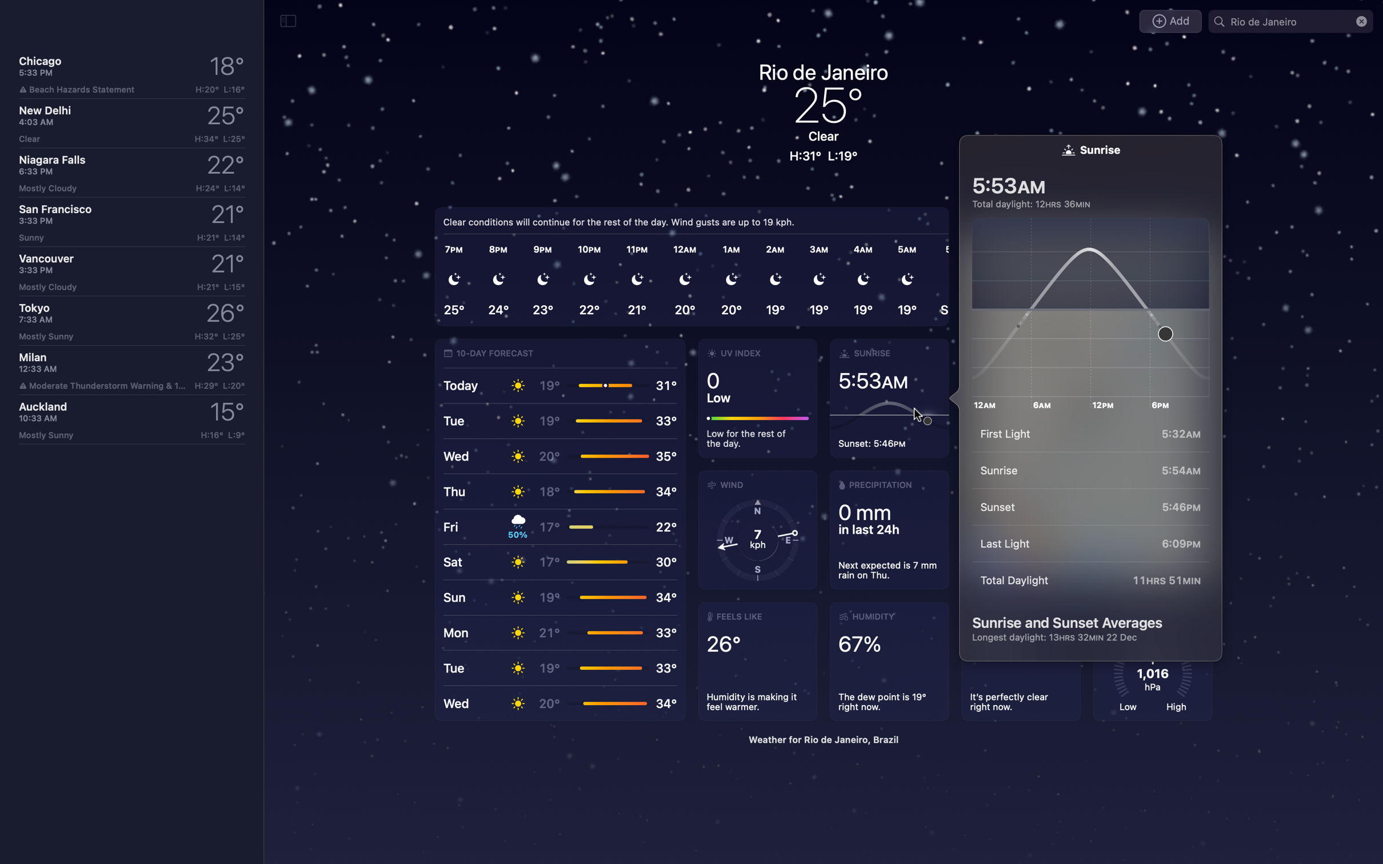  Describe the element at coordinates (758, 529) in the screenshot. I see `Determine the velocity of wind in Rio de Janeiro` at that location.